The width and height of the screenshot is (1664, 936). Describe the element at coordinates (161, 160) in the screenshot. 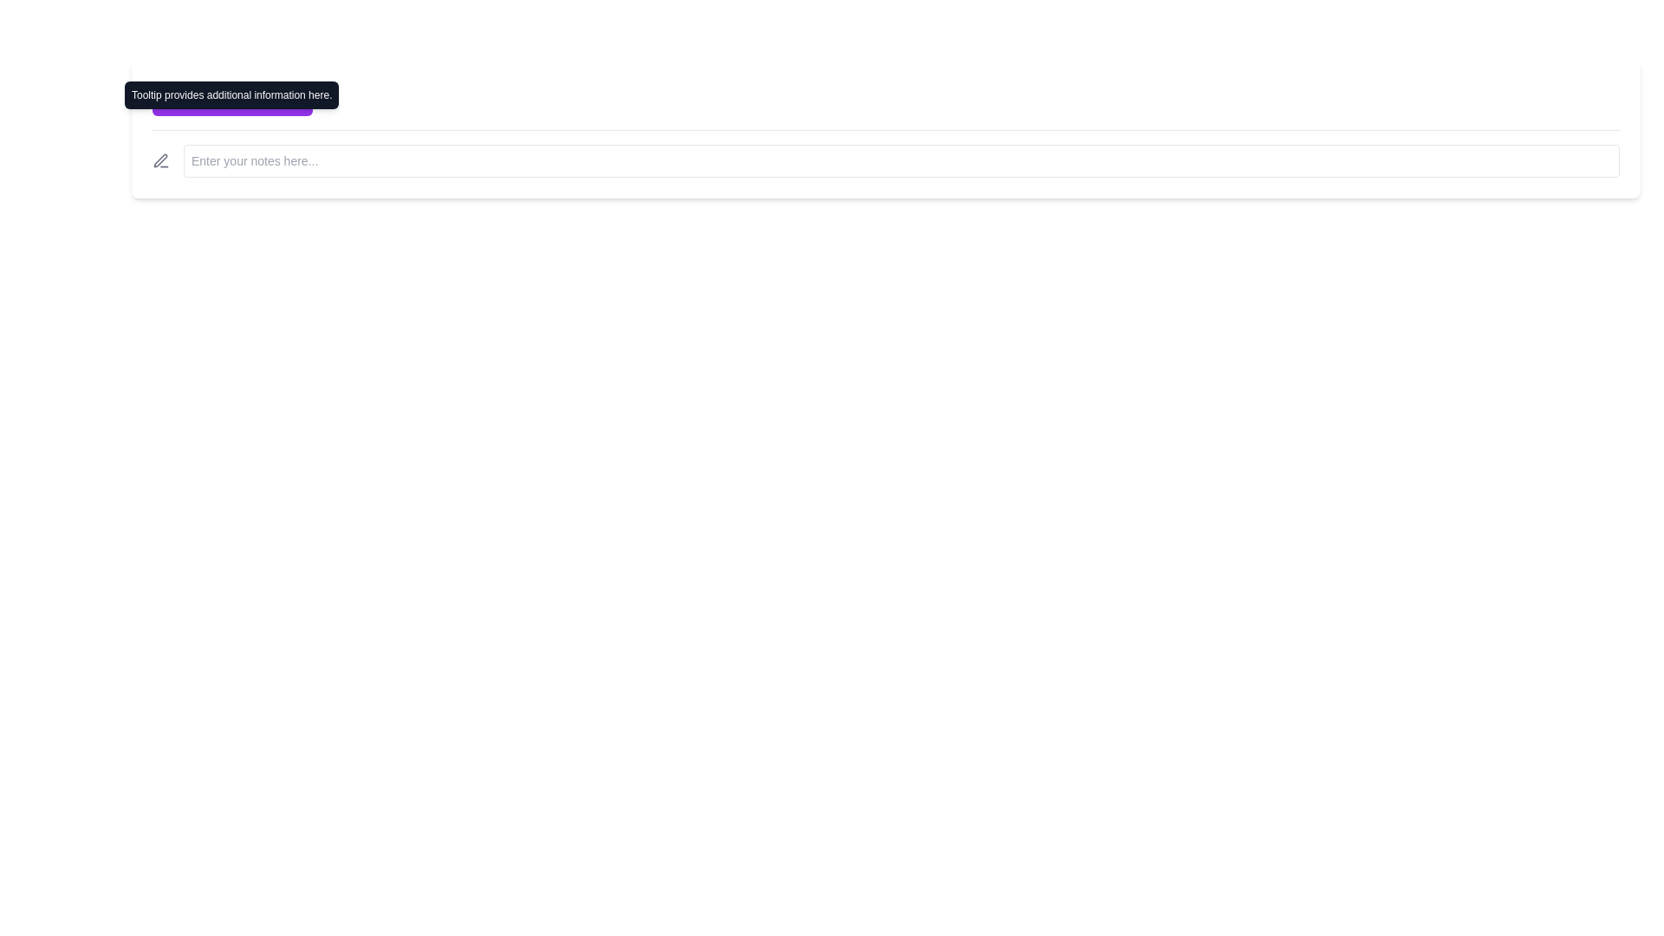

I see `the gray pen icon representing editing tools, located on the leftmost side of a bar section before the text input area for notes` at that location.